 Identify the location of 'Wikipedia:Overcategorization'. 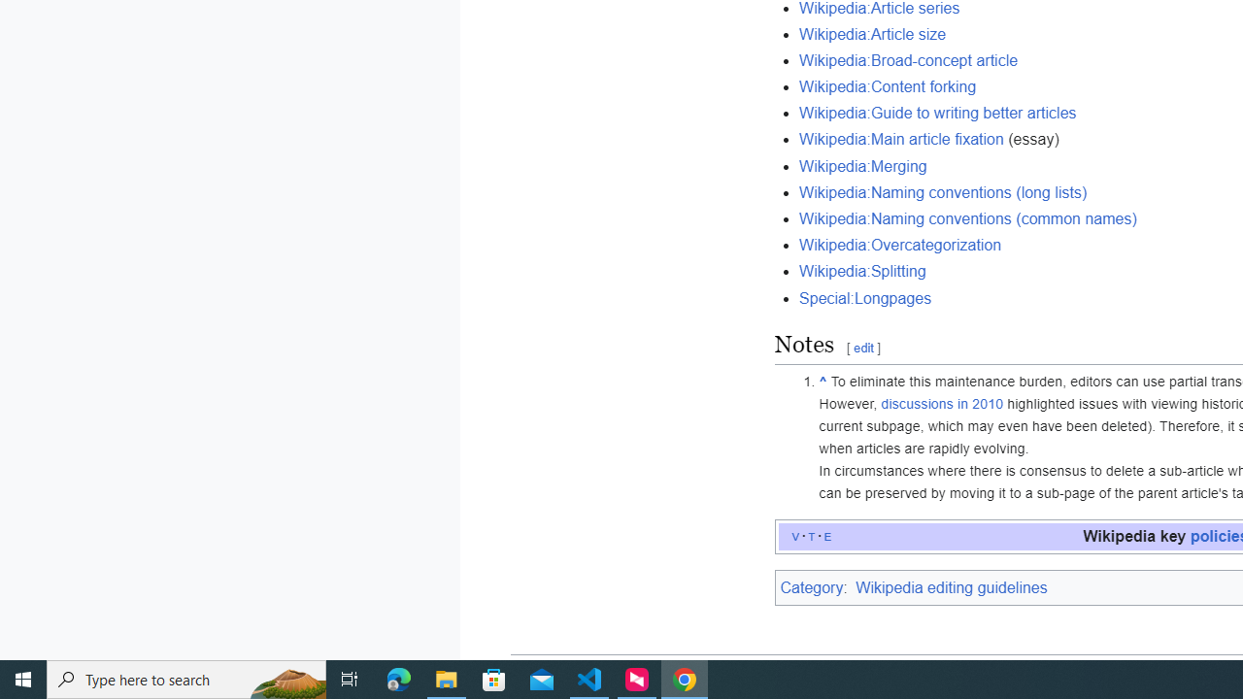
(899, 245).